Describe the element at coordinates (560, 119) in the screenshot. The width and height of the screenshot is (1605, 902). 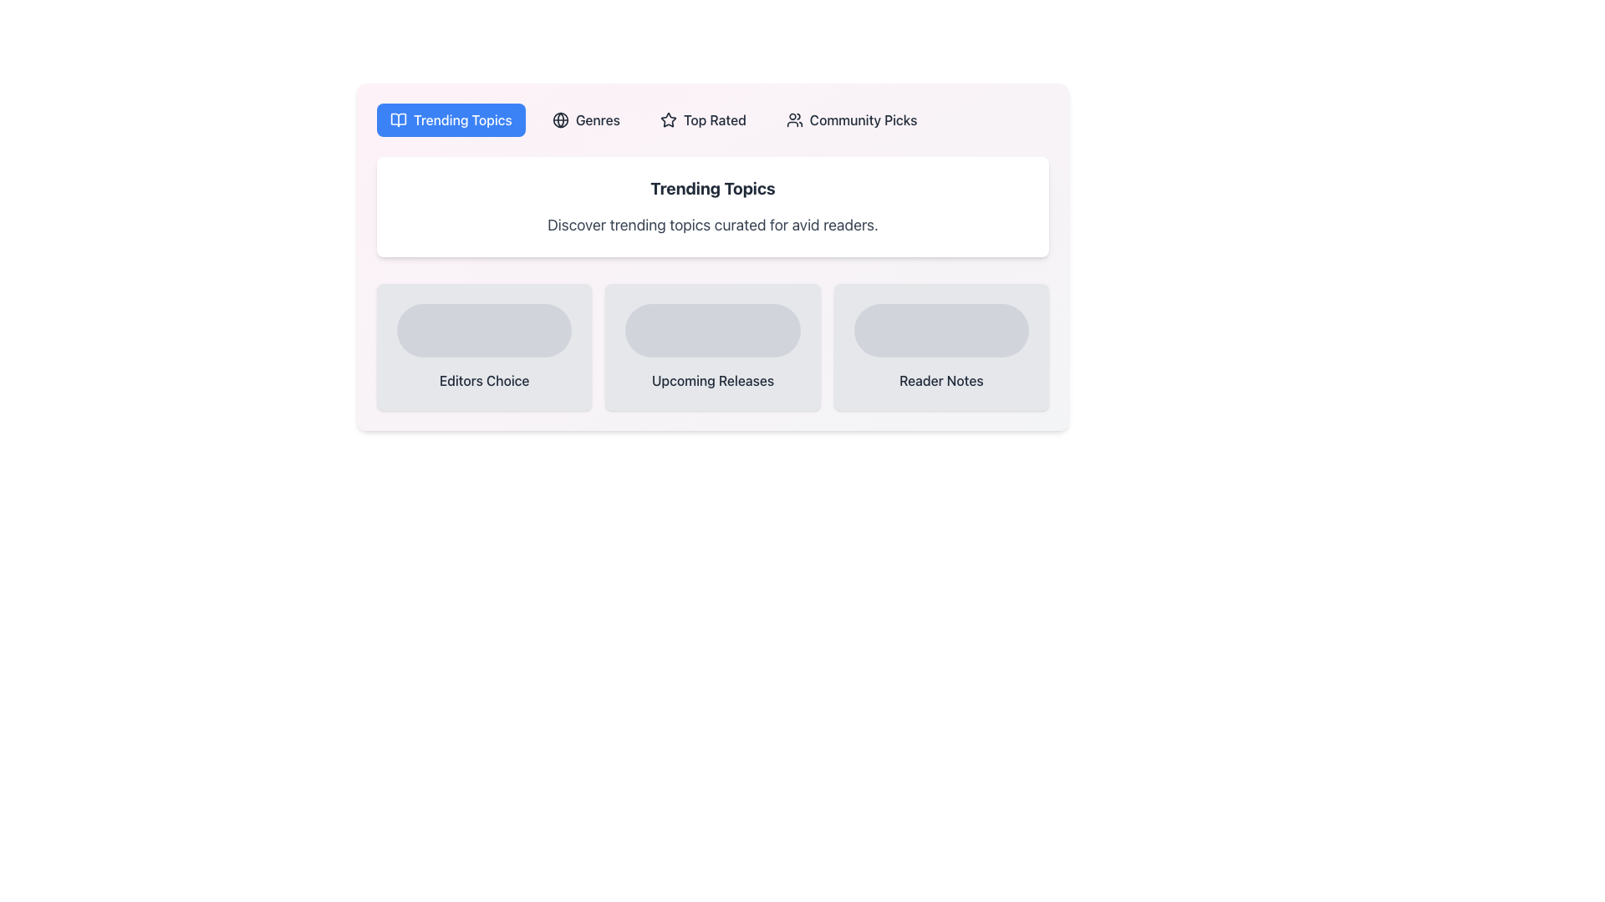
I see `the circular SVG element with a medium stroke, located to the right of the 'Trending Topics' label in the top navigation bar` at that location.